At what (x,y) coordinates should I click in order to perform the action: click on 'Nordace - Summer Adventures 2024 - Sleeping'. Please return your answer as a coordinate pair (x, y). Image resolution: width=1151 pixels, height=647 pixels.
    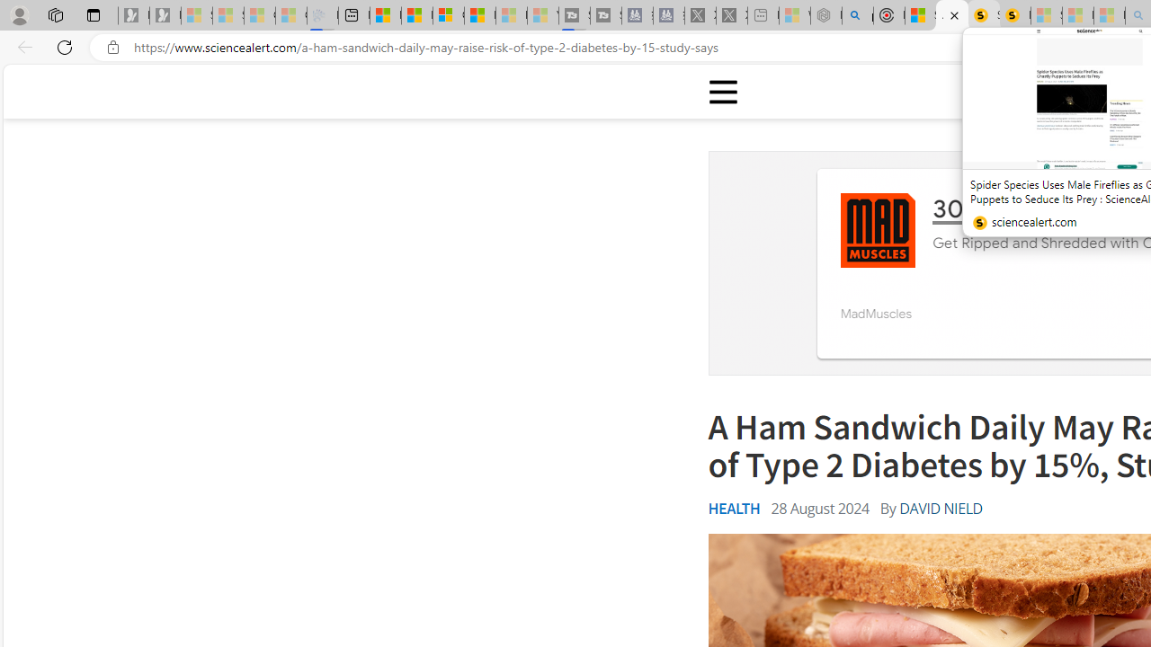
    Looking at the image, I should click on (825, 15).